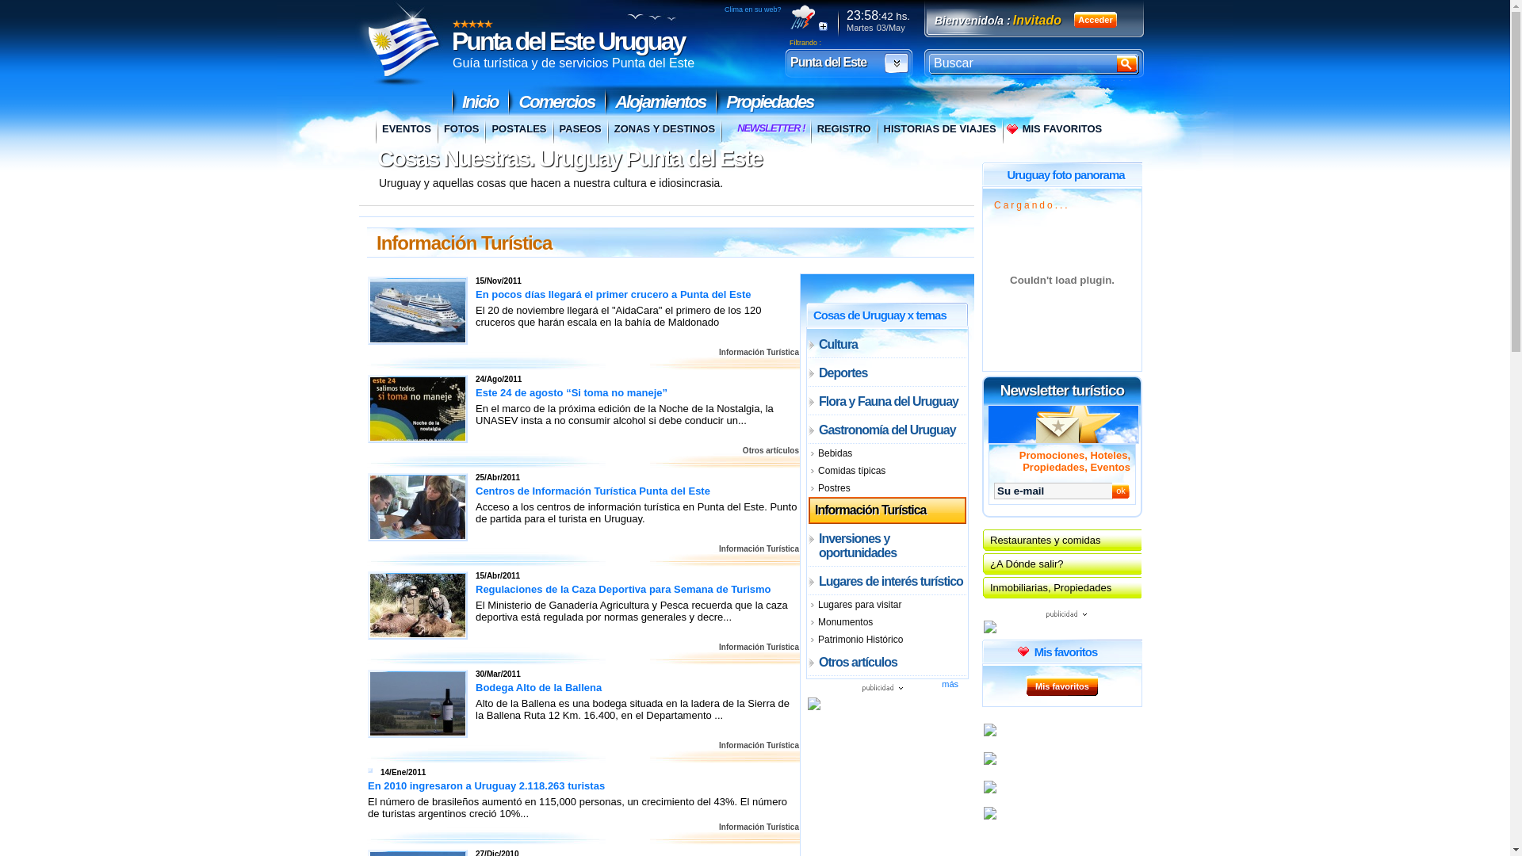 The width and height of the screenshot is (1522, 856). What do you see at coordinates (663, 130) in the screenshot?
I see `'ZONAS Y DESTINOS'` at bounding box center [663, 130].